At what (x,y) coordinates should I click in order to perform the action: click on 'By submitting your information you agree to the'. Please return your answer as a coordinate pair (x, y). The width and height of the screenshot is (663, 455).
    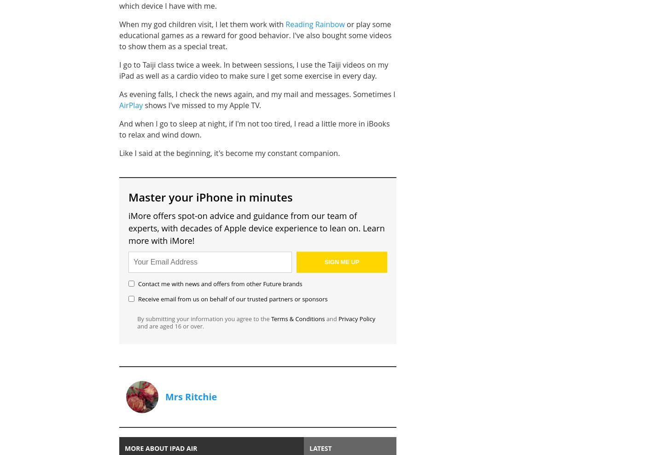
    Looking at the image, I should click on (136, 318).